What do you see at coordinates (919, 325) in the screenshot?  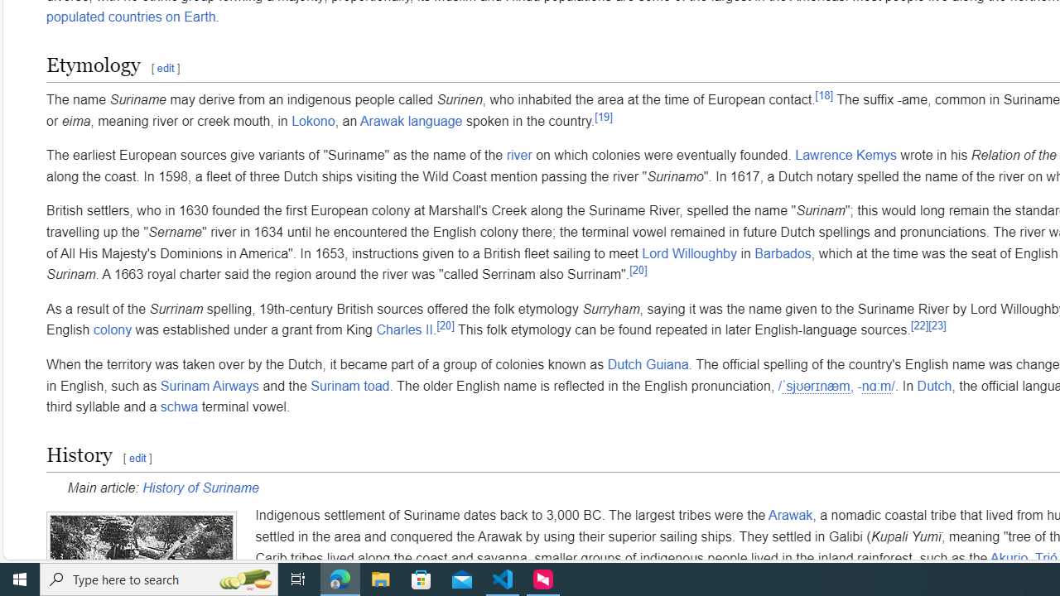 I see `'[22]'` at bounding box center [919, 325].